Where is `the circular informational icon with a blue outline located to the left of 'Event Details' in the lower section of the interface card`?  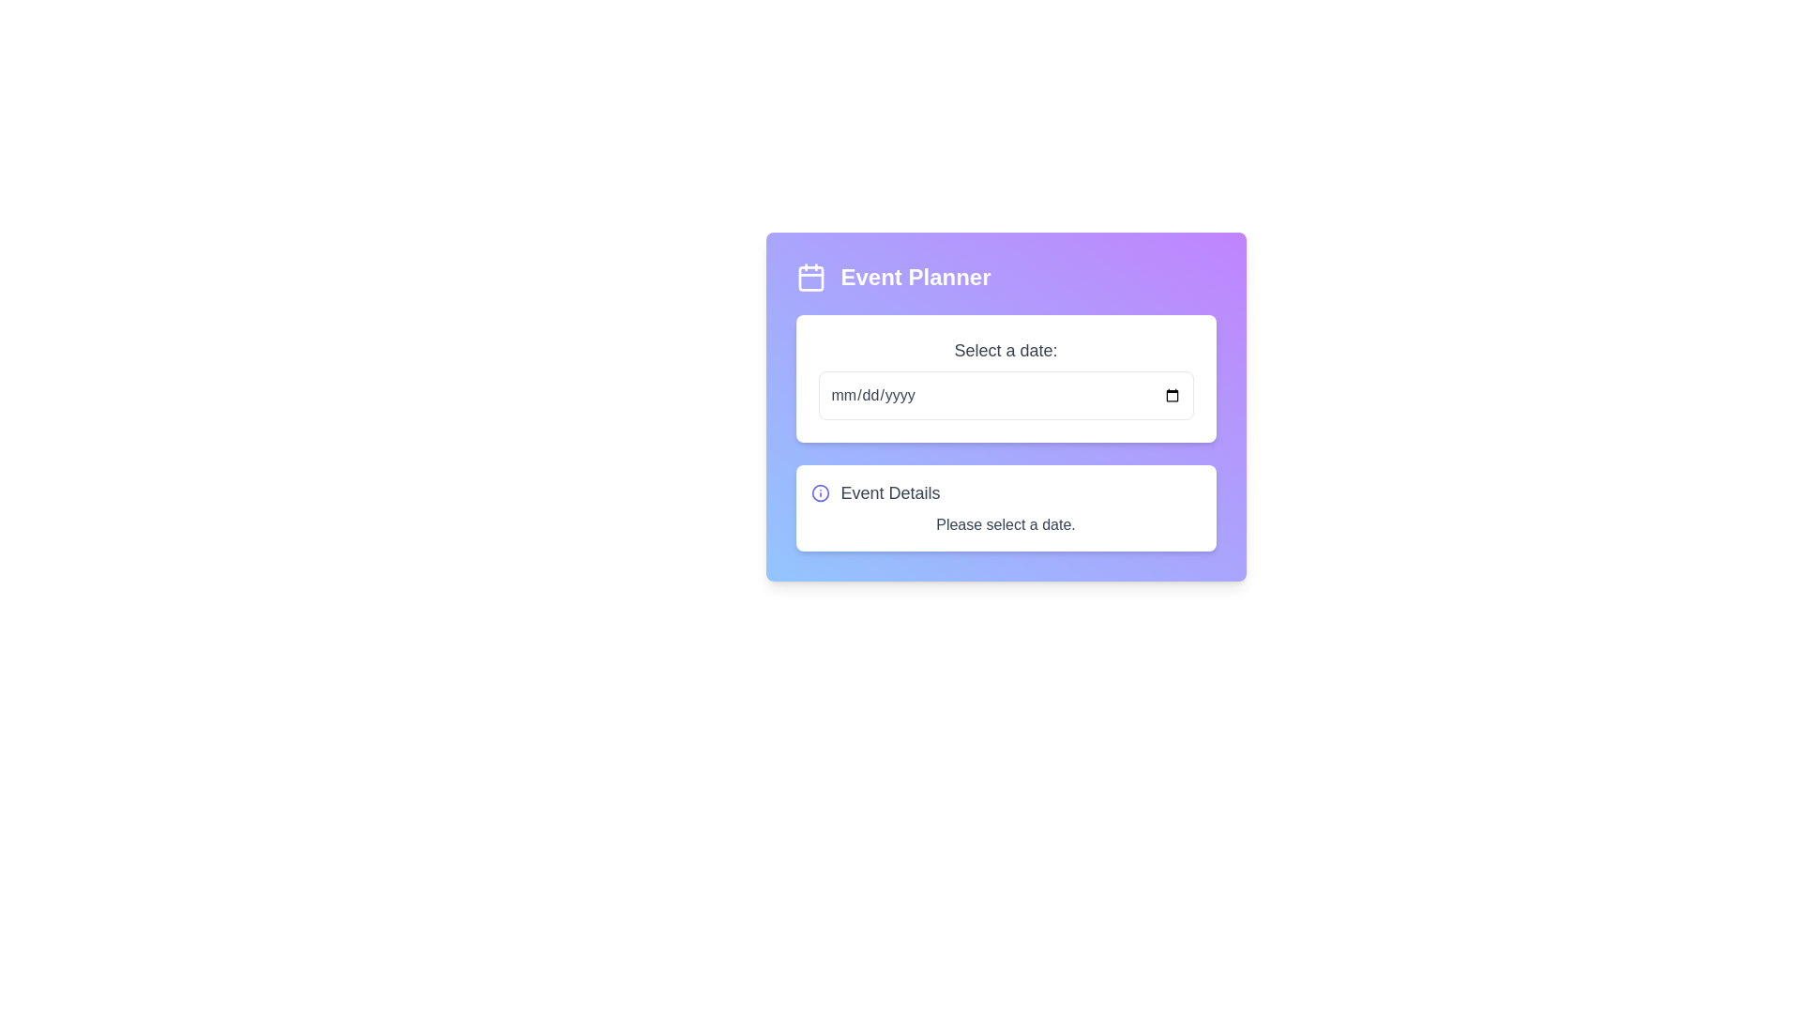
the circular informational icon with a blue outline located to the left of 'Event Details' in the lower section of the interface card is located at coordinates (820, 491).